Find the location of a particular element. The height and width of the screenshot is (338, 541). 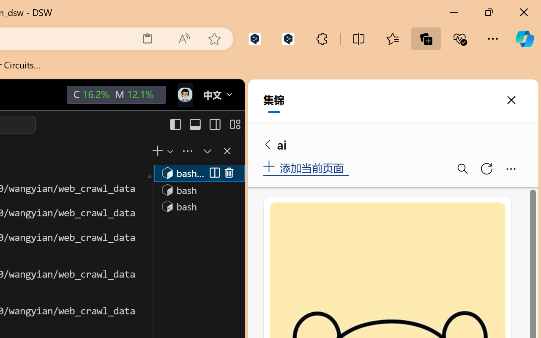

'Split (Ctrl+Shift+5)' is located at coordinates (213, 173).